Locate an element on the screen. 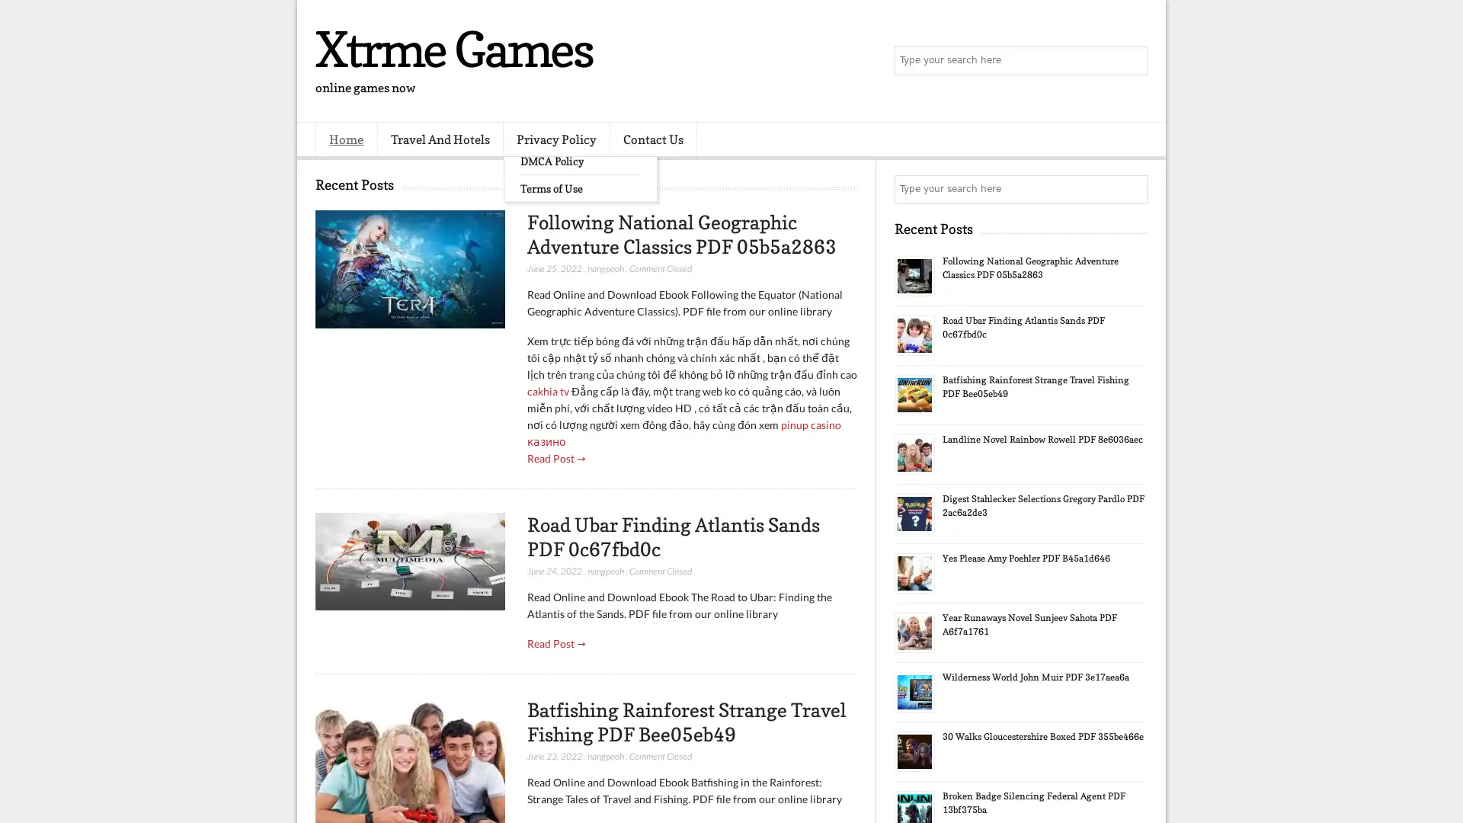 This screenshot has width=1463, height=823. Search is located at coordinates (1132, 189).